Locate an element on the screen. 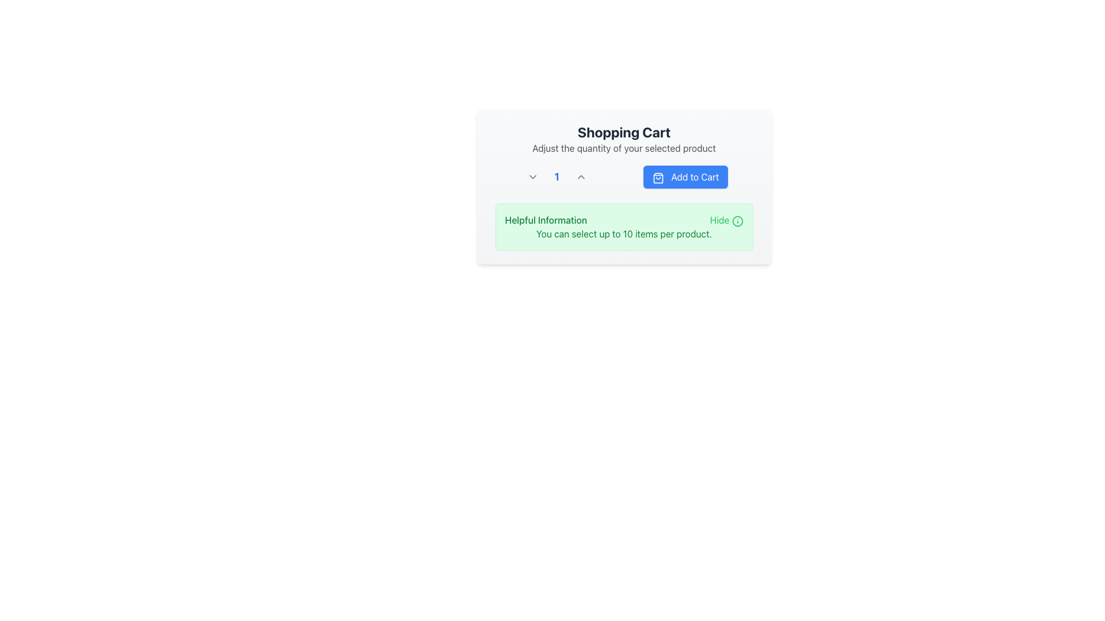  the static text providing guidance on the quantity adjustment feature in the shopping cart interface, located below the 'Shopping Cart' heading is located at coordinates (623, 148).